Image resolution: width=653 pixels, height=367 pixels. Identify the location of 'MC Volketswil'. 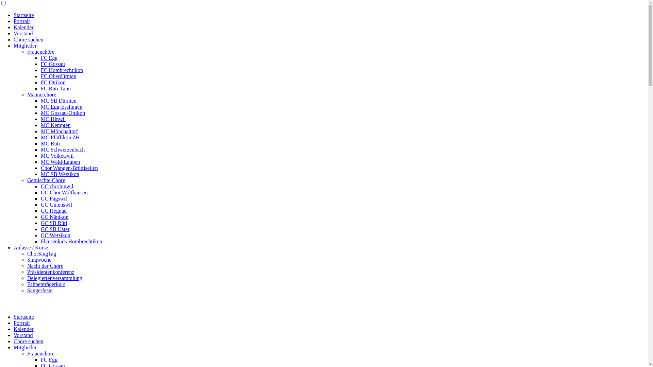
(57, 156).